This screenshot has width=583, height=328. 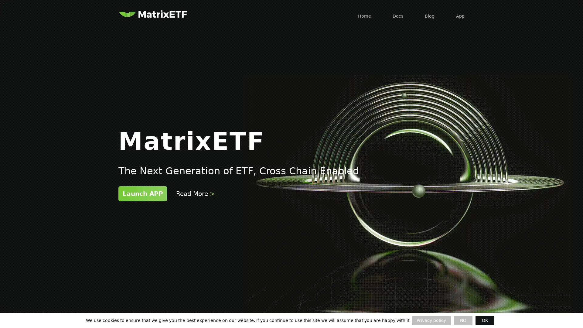 I want to click on NO, so click(x=463, y=320).